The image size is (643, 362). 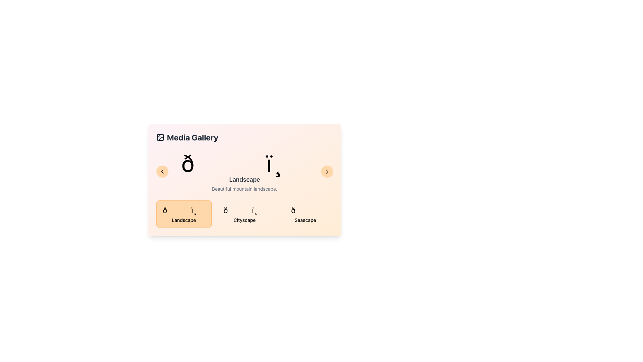 I want to click on the circular button containing the leftward-pointing chevron icon, which features an orange background that changes to a lighter shade upon hovering, so click(x=162, y=171).